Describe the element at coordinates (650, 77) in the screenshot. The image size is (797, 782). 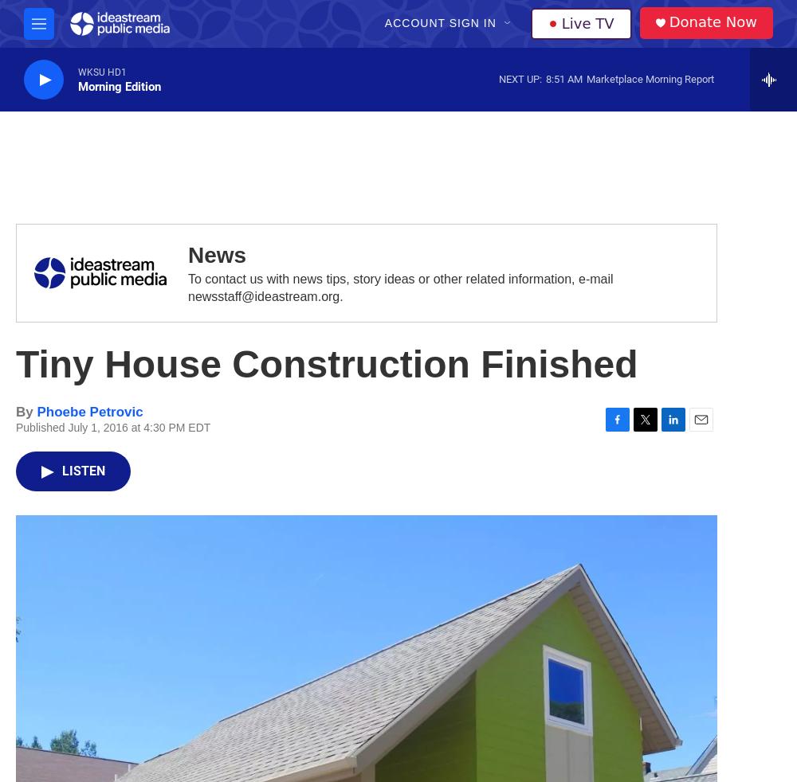
I see `'Marketplace Morning Report'` at that location.